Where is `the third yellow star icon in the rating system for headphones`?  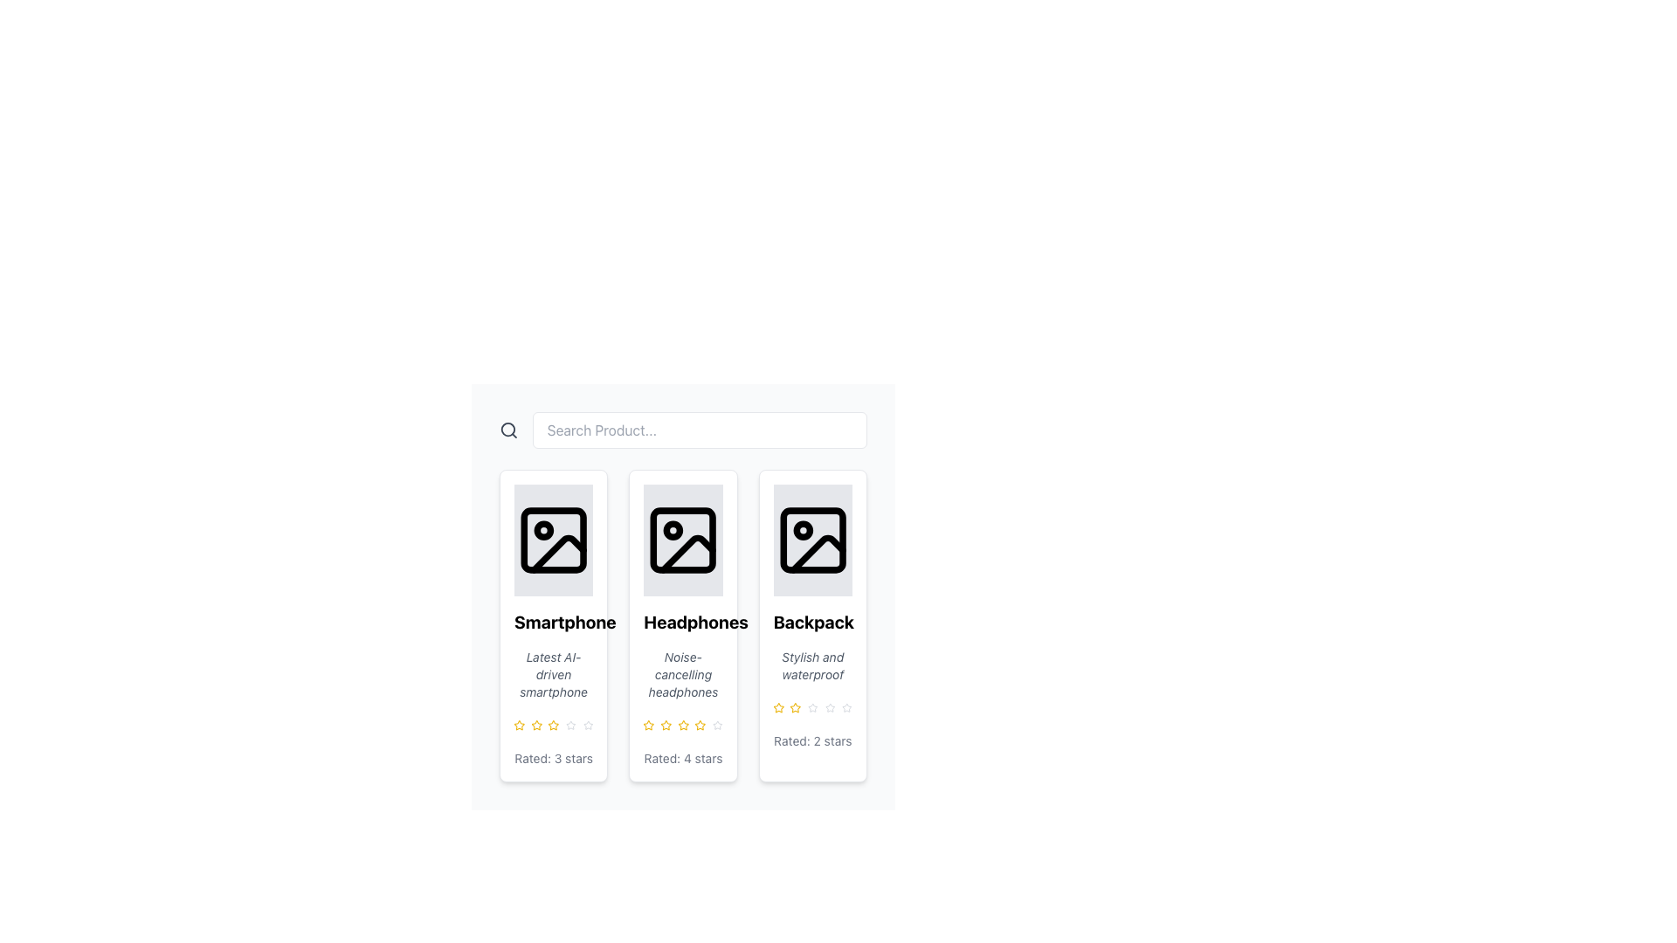
the third yellow star icon in the rating system for headphones is located at coordinates (665, 725).